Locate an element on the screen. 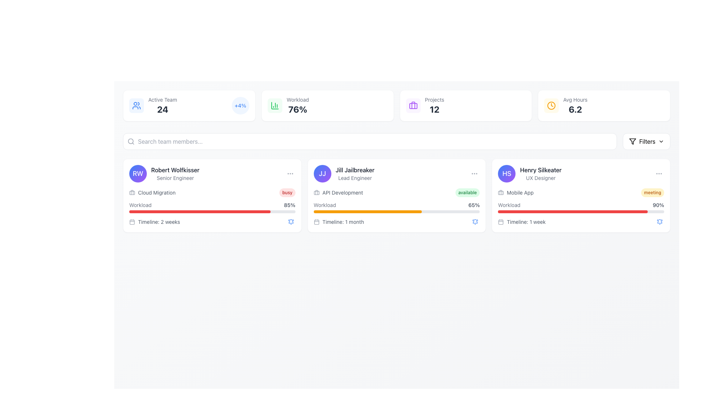  the label representing a metric or status update in the 'Active Team' section, located within a blue circular background to the right of the 'Active Team' label is located at coordinates (240, 106).